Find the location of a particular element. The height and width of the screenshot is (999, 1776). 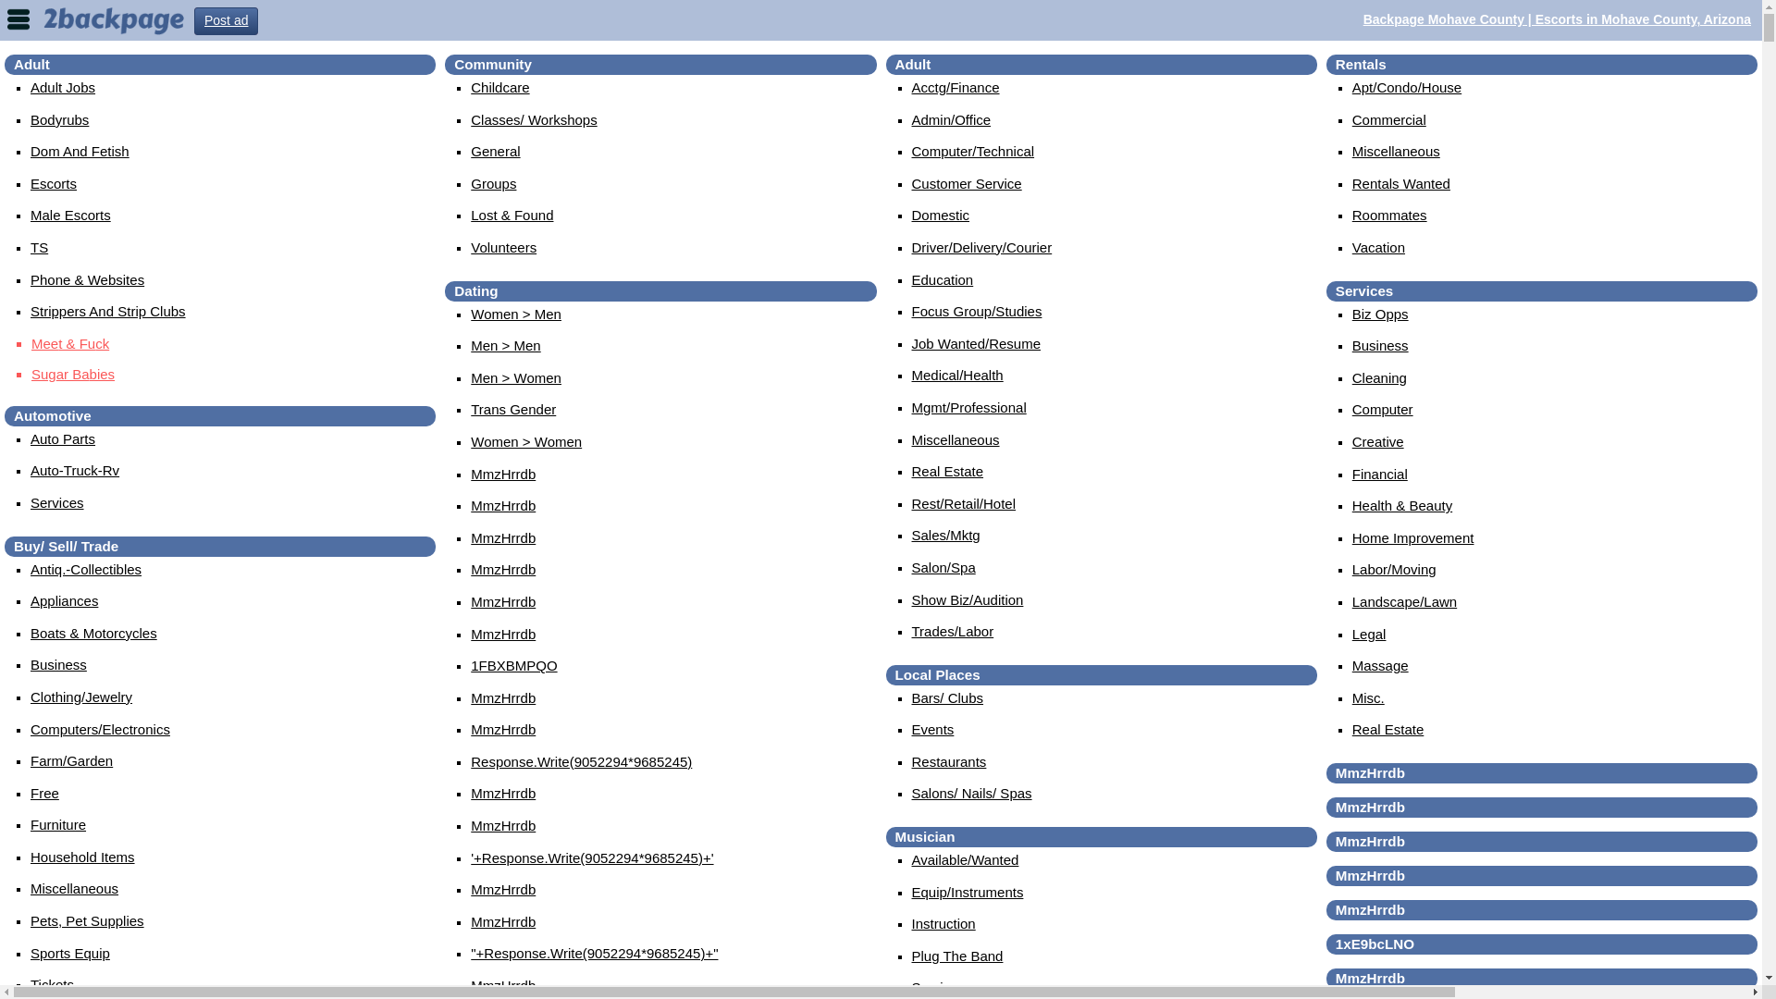

'Rest/Retail/Hotel' is located at coordinates (963, 503).